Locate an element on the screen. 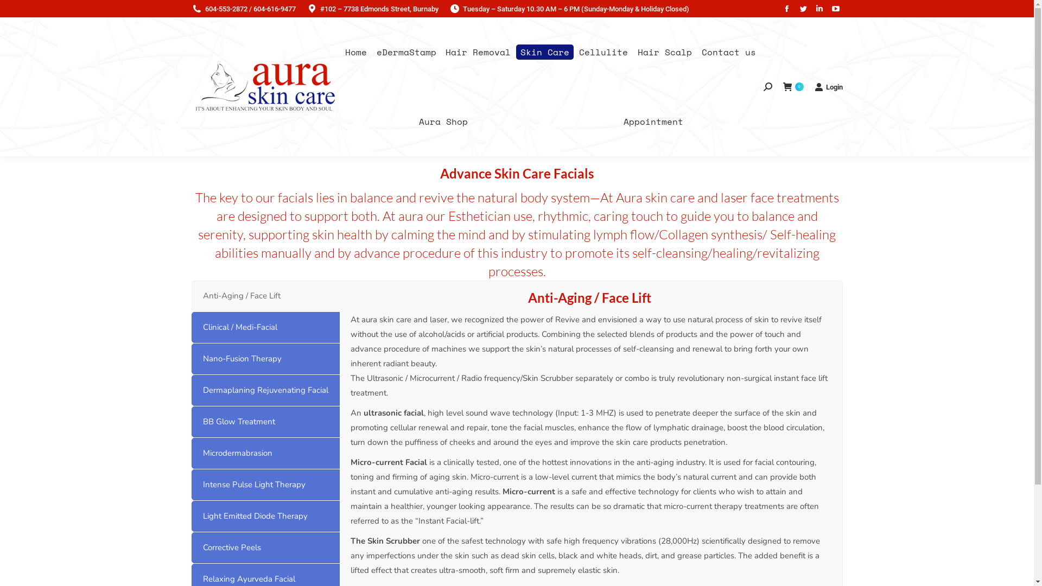 This screenshot has width=1042, height=586. 'Hair Removal' is located at coordinates (478, 52).